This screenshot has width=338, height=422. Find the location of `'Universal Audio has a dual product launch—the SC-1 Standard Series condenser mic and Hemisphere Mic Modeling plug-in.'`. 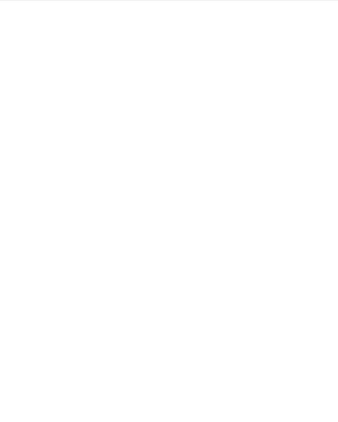

'Universal Audio has a dual product launch—the SC-1 Standard Series condenser mic and Hemisphere Mic Modeling plug-in.' is located at coordinates (145, 284).